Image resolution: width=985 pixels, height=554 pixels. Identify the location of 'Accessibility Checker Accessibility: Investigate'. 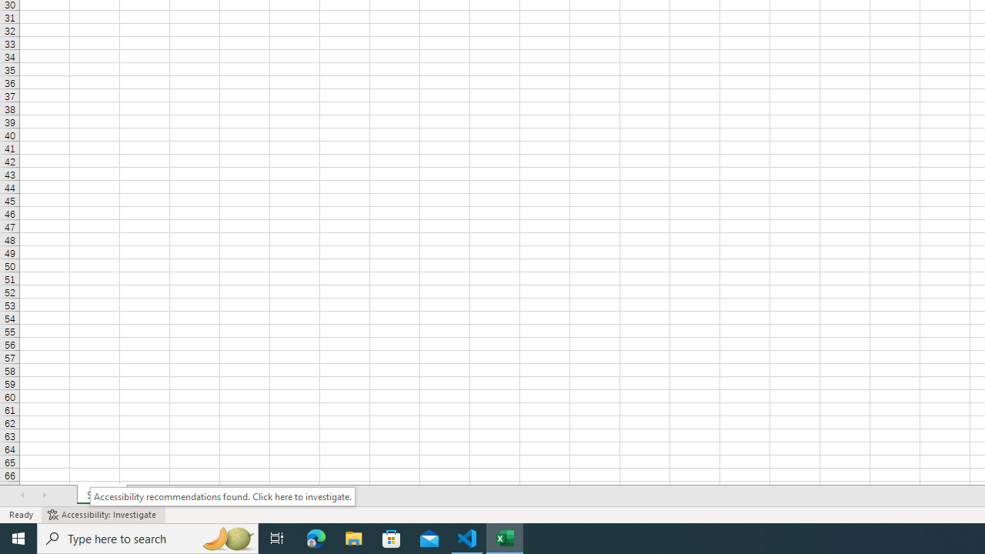
(102, 515).